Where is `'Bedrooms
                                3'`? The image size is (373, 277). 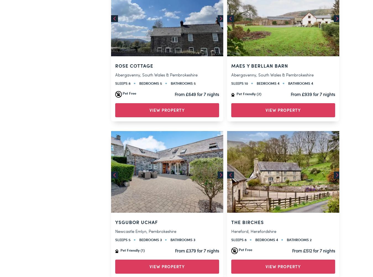
'Bedrooms
                                3' is located at coordinates (150, 72).